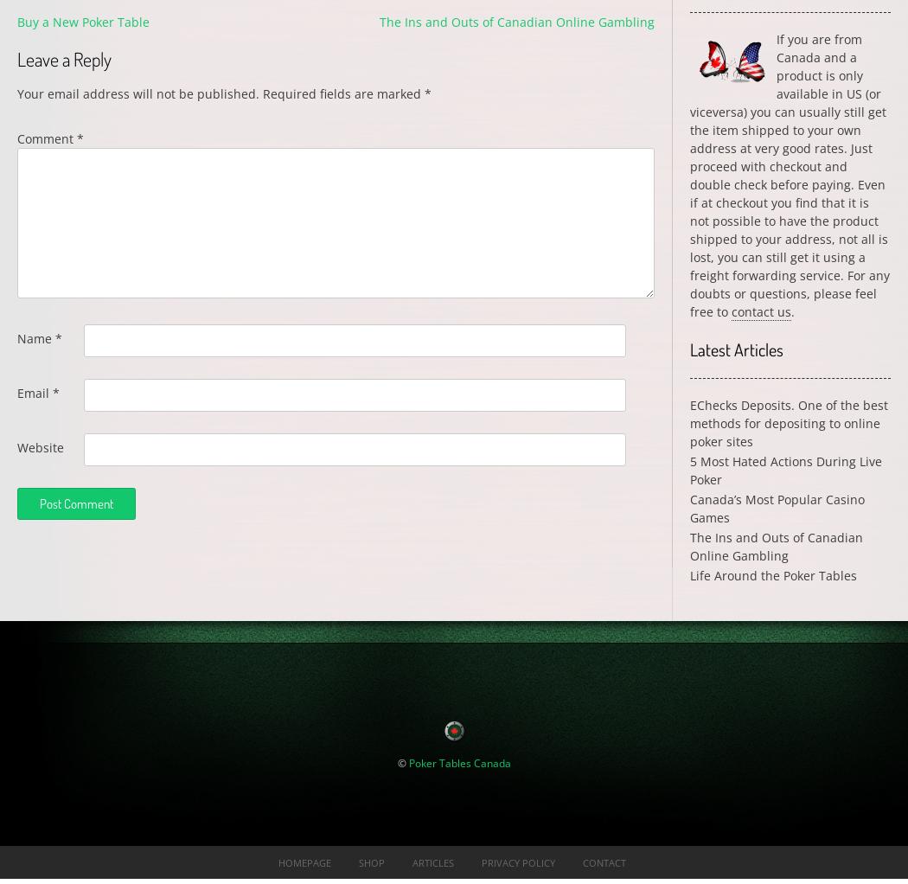  I want to click on 'Latest Articles', so click(736, 349).